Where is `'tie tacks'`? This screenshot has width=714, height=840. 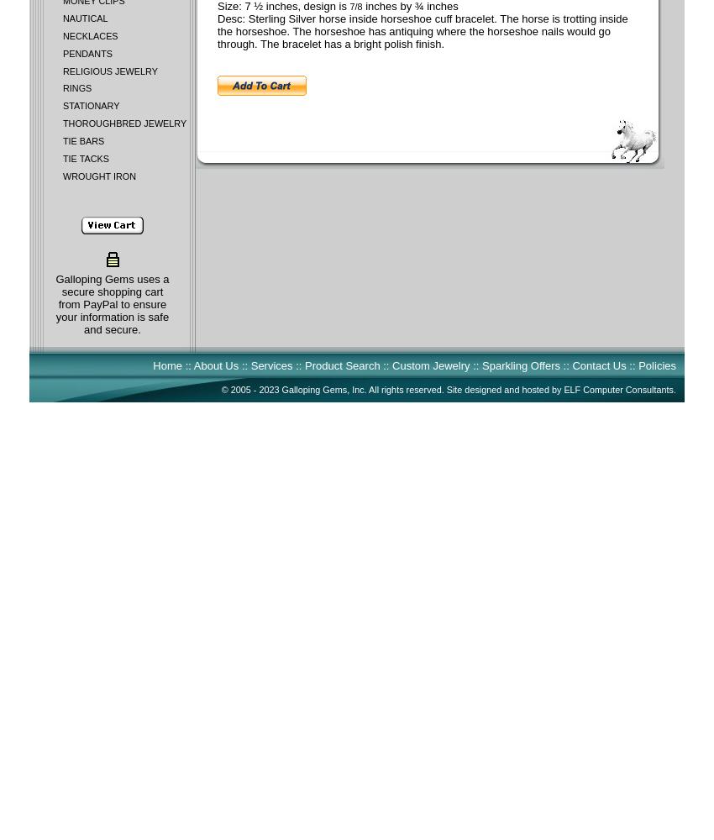 'tie tacks' is located at coordinates (85, 158).